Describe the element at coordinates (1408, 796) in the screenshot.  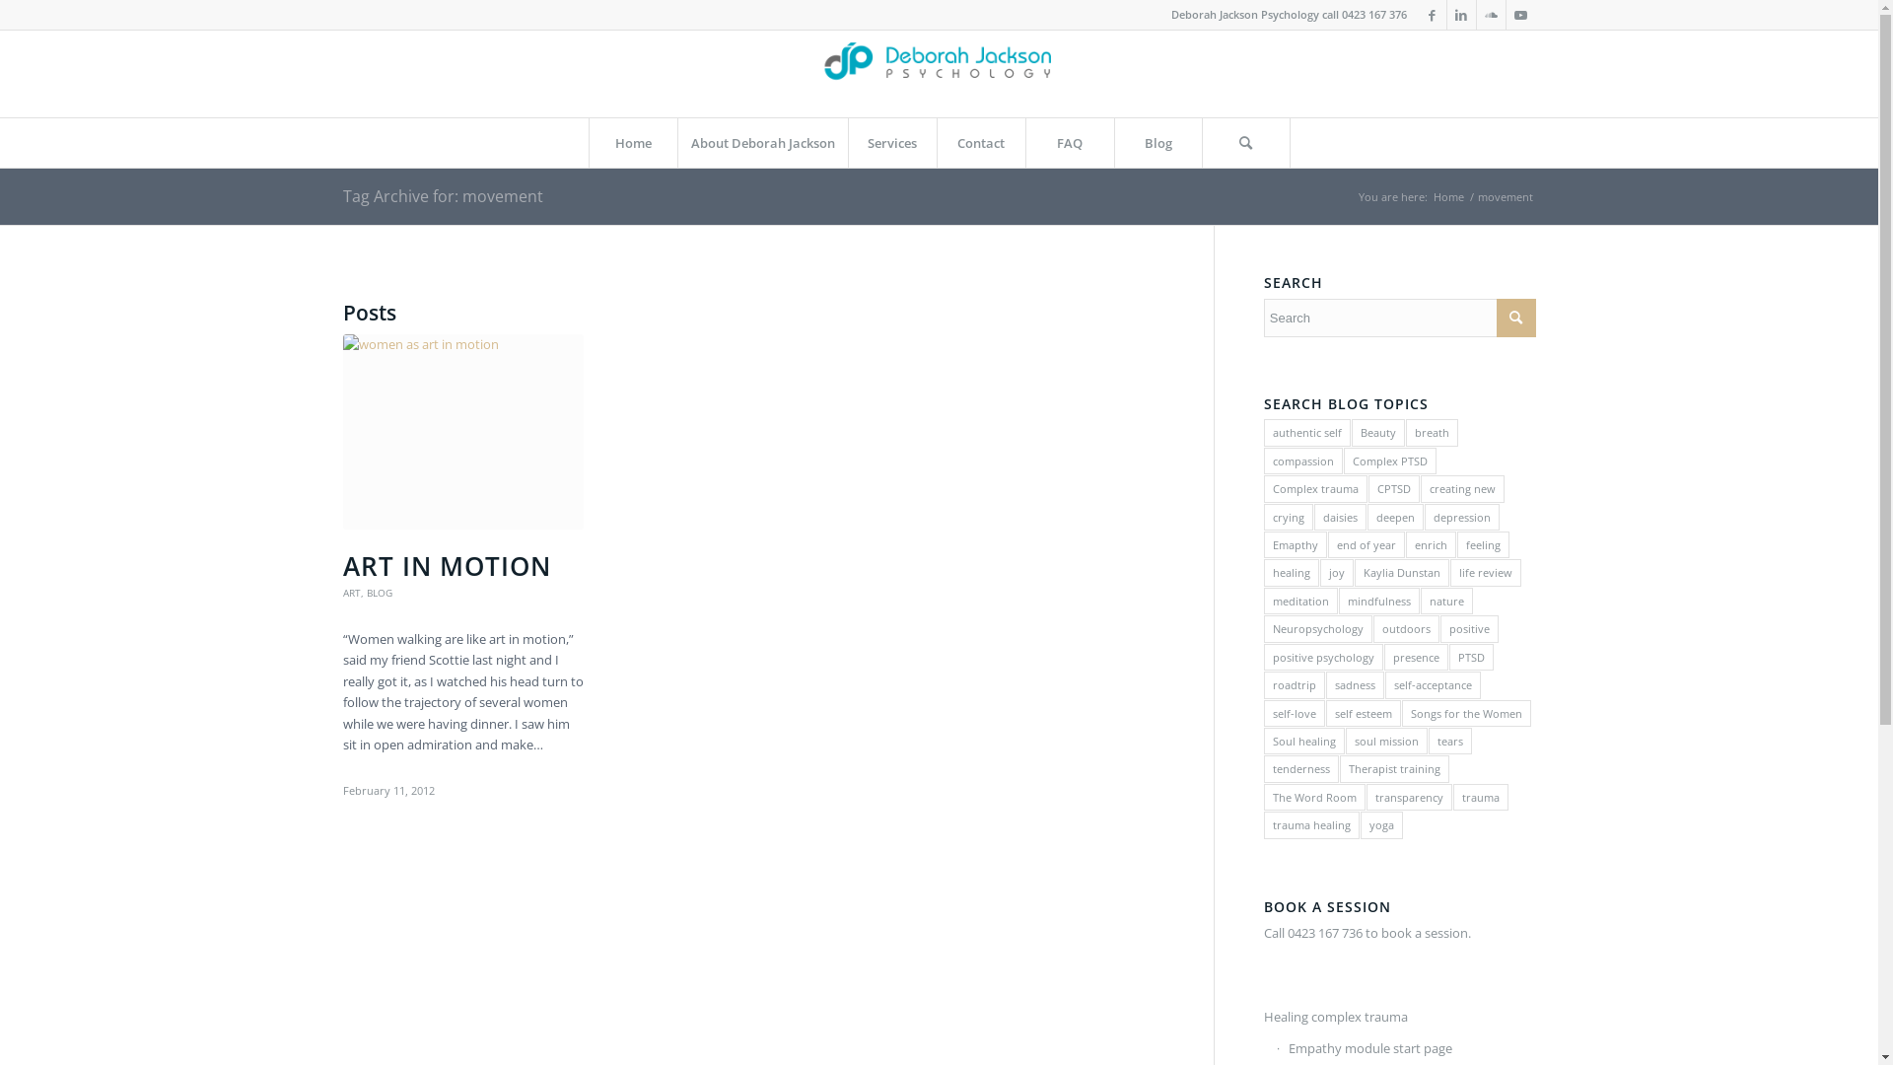
I see `'transparency'` at that location.